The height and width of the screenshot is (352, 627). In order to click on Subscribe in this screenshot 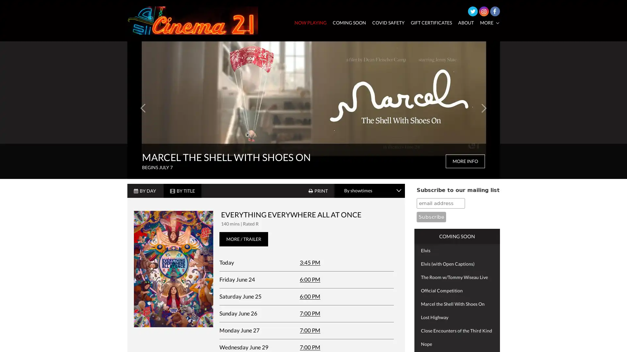, I will do `click(431, 216)`.